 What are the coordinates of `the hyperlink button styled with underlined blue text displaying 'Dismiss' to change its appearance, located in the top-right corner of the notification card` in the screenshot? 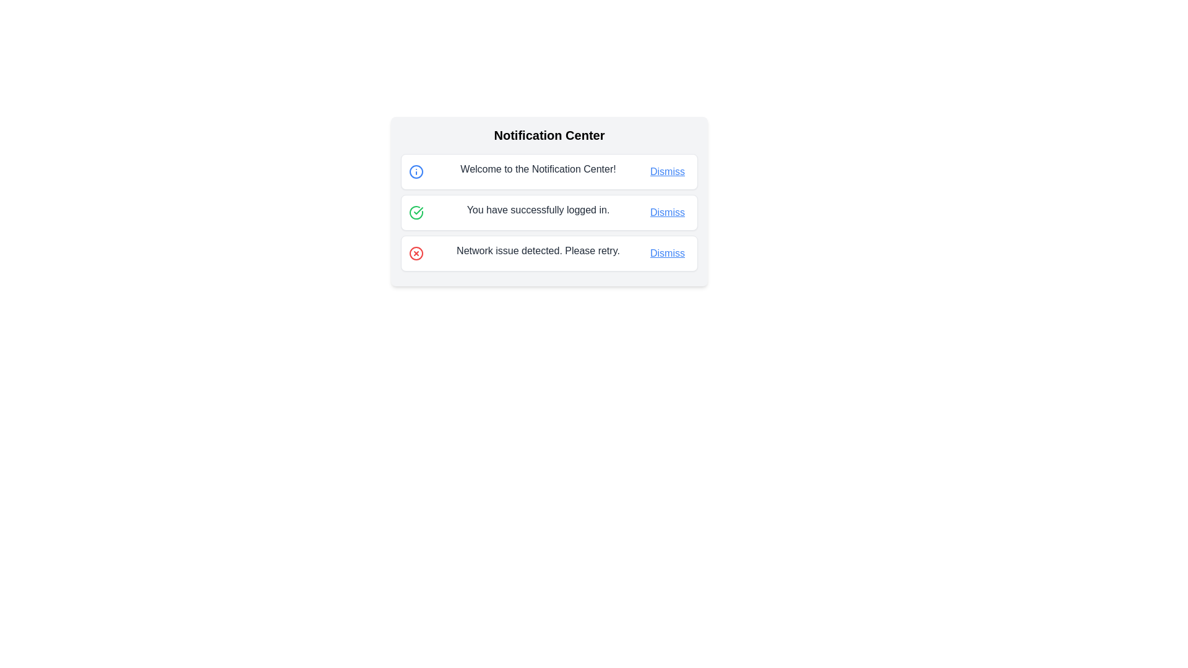 It's located at (667, 171).